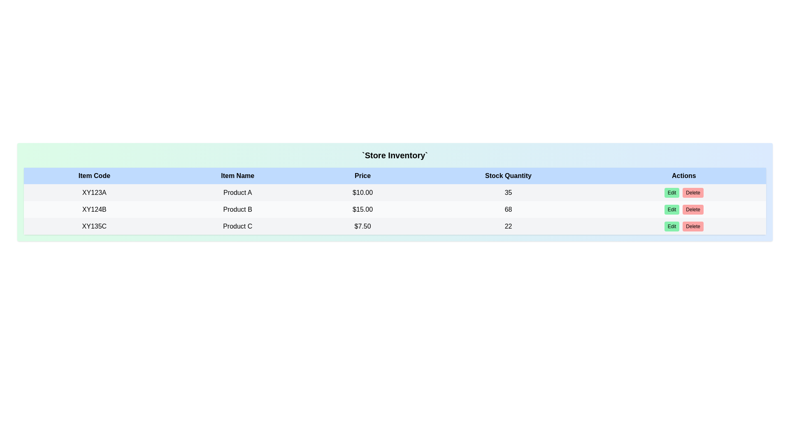  Describe the element at coordinates (508, 192) in the screenshot. I see `the Static Text displaying the number '35' in the 'Stock Quantity' column for 'Product A', which is styled with black sans-serif text on a light gray background` at that location.